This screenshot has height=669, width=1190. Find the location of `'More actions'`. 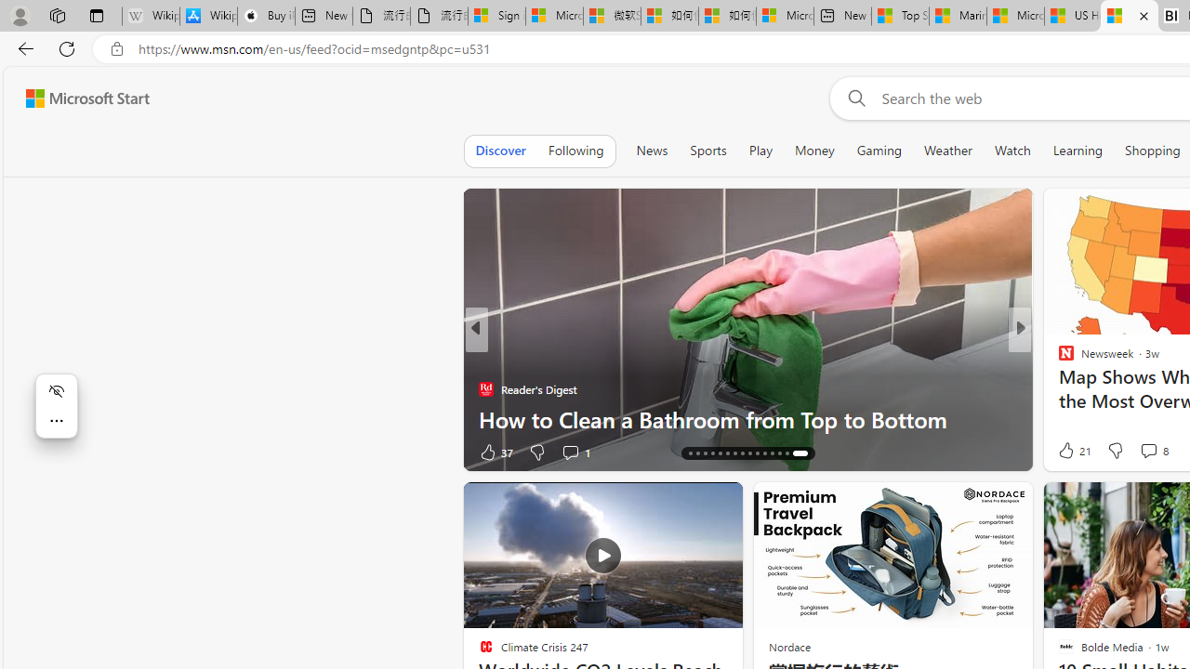

'More actions' is located at coordinates (56, 420).